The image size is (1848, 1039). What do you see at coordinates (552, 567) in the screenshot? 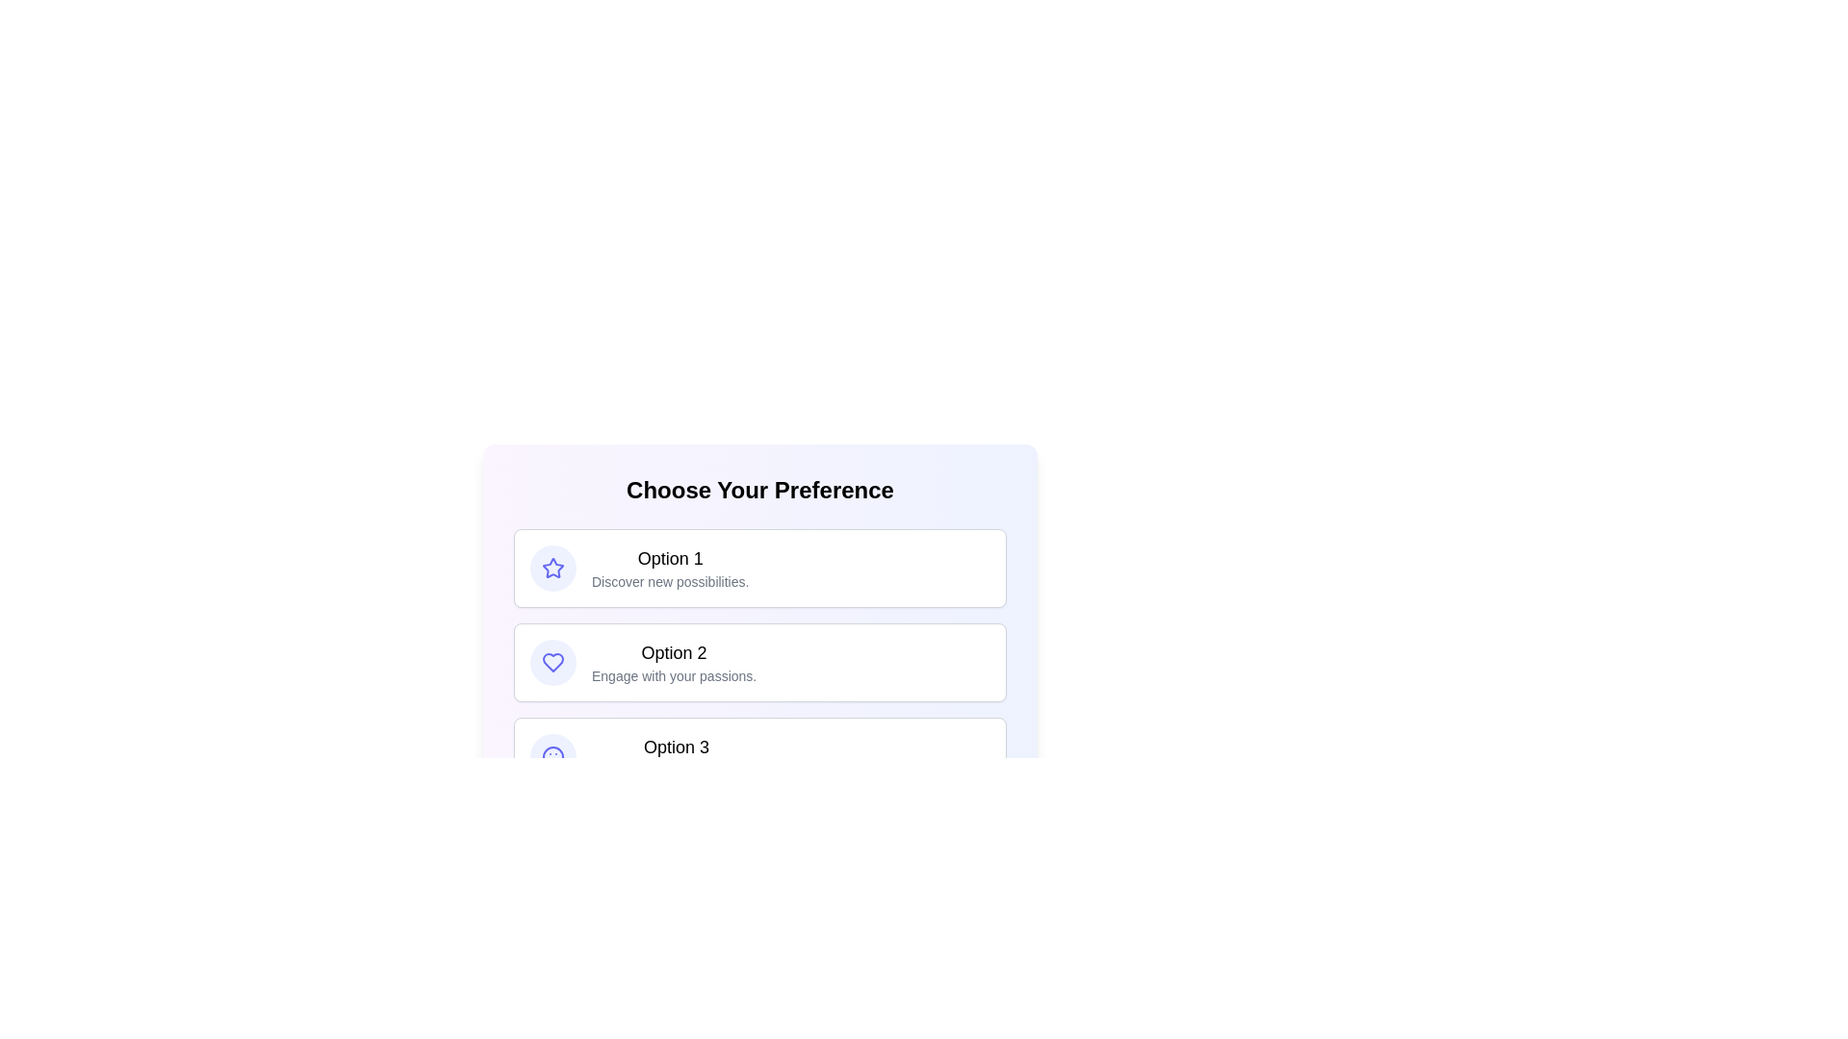
I see `the decorative icon associated with the first option in the list, which is located directly to the left of the text 'Option 1' and 'Discover new possibilities.'` at bounding box center [552, 567].